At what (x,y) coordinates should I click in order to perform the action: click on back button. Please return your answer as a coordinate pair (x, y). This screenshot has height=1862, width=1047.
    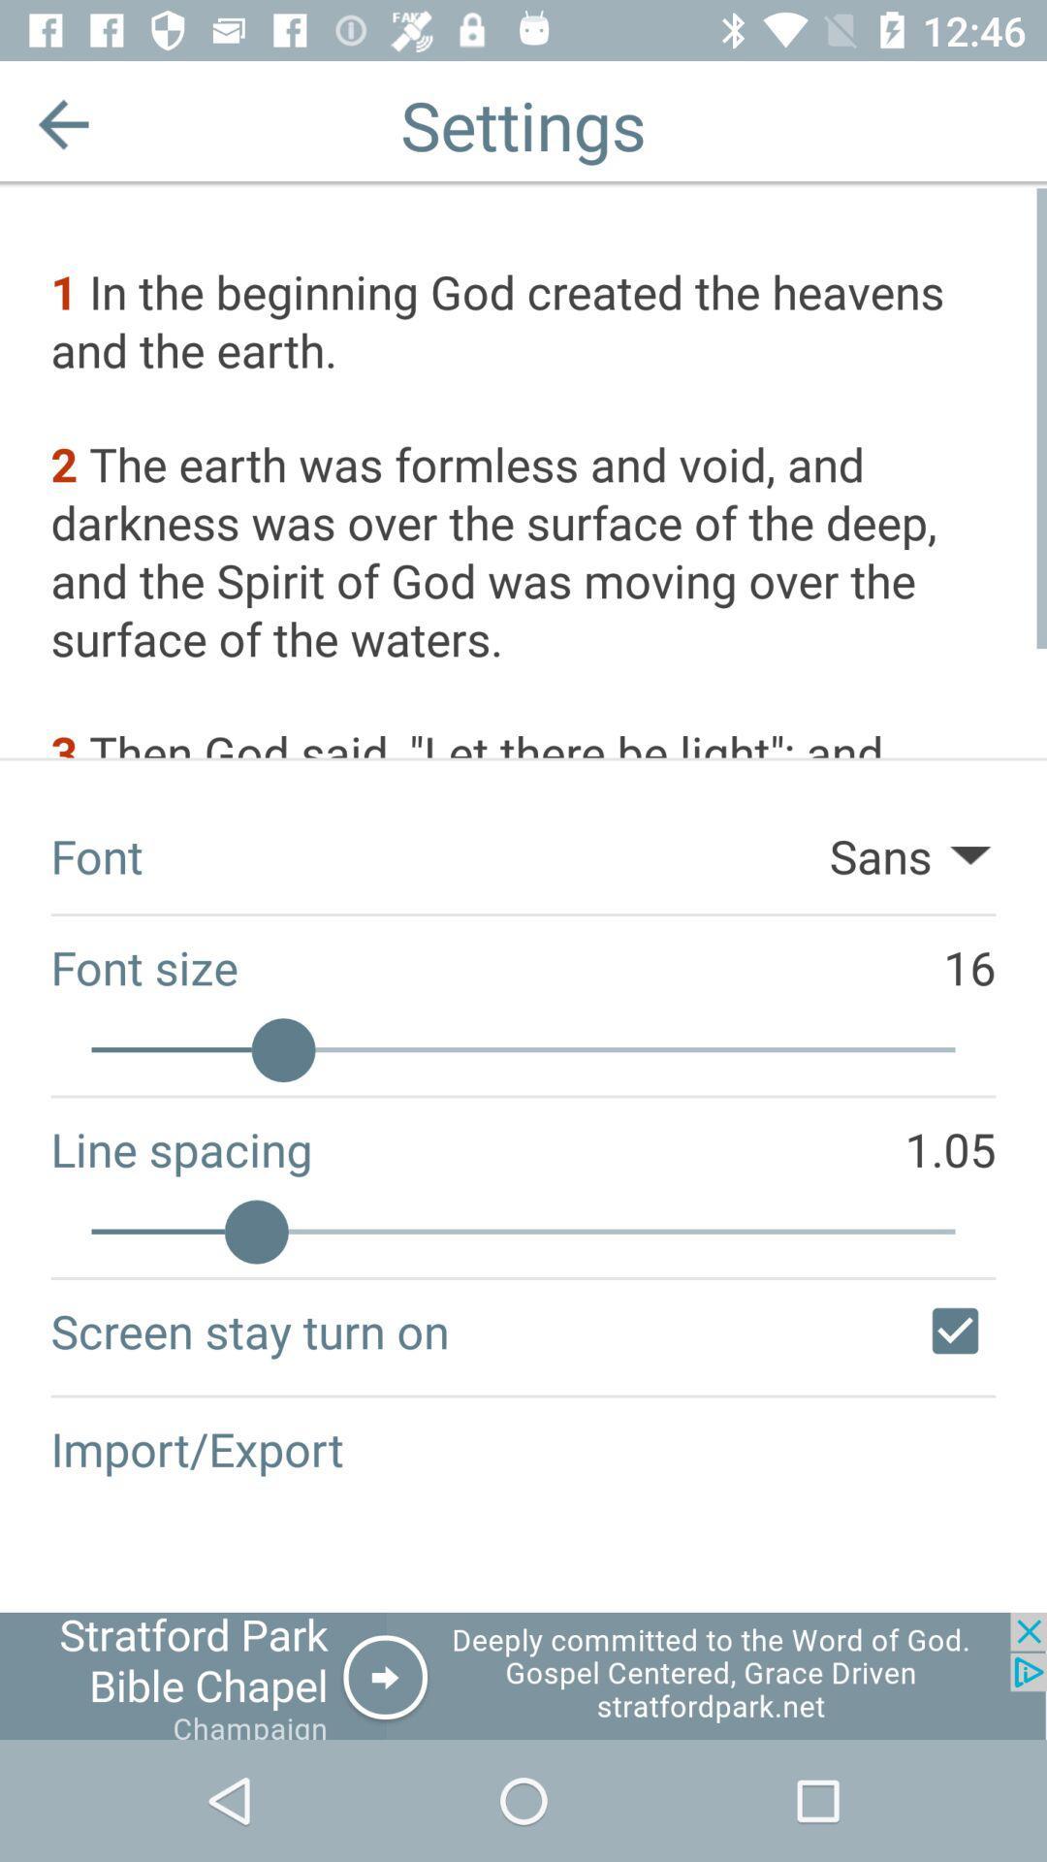
    Looking at the image, I should click on (62, 123).